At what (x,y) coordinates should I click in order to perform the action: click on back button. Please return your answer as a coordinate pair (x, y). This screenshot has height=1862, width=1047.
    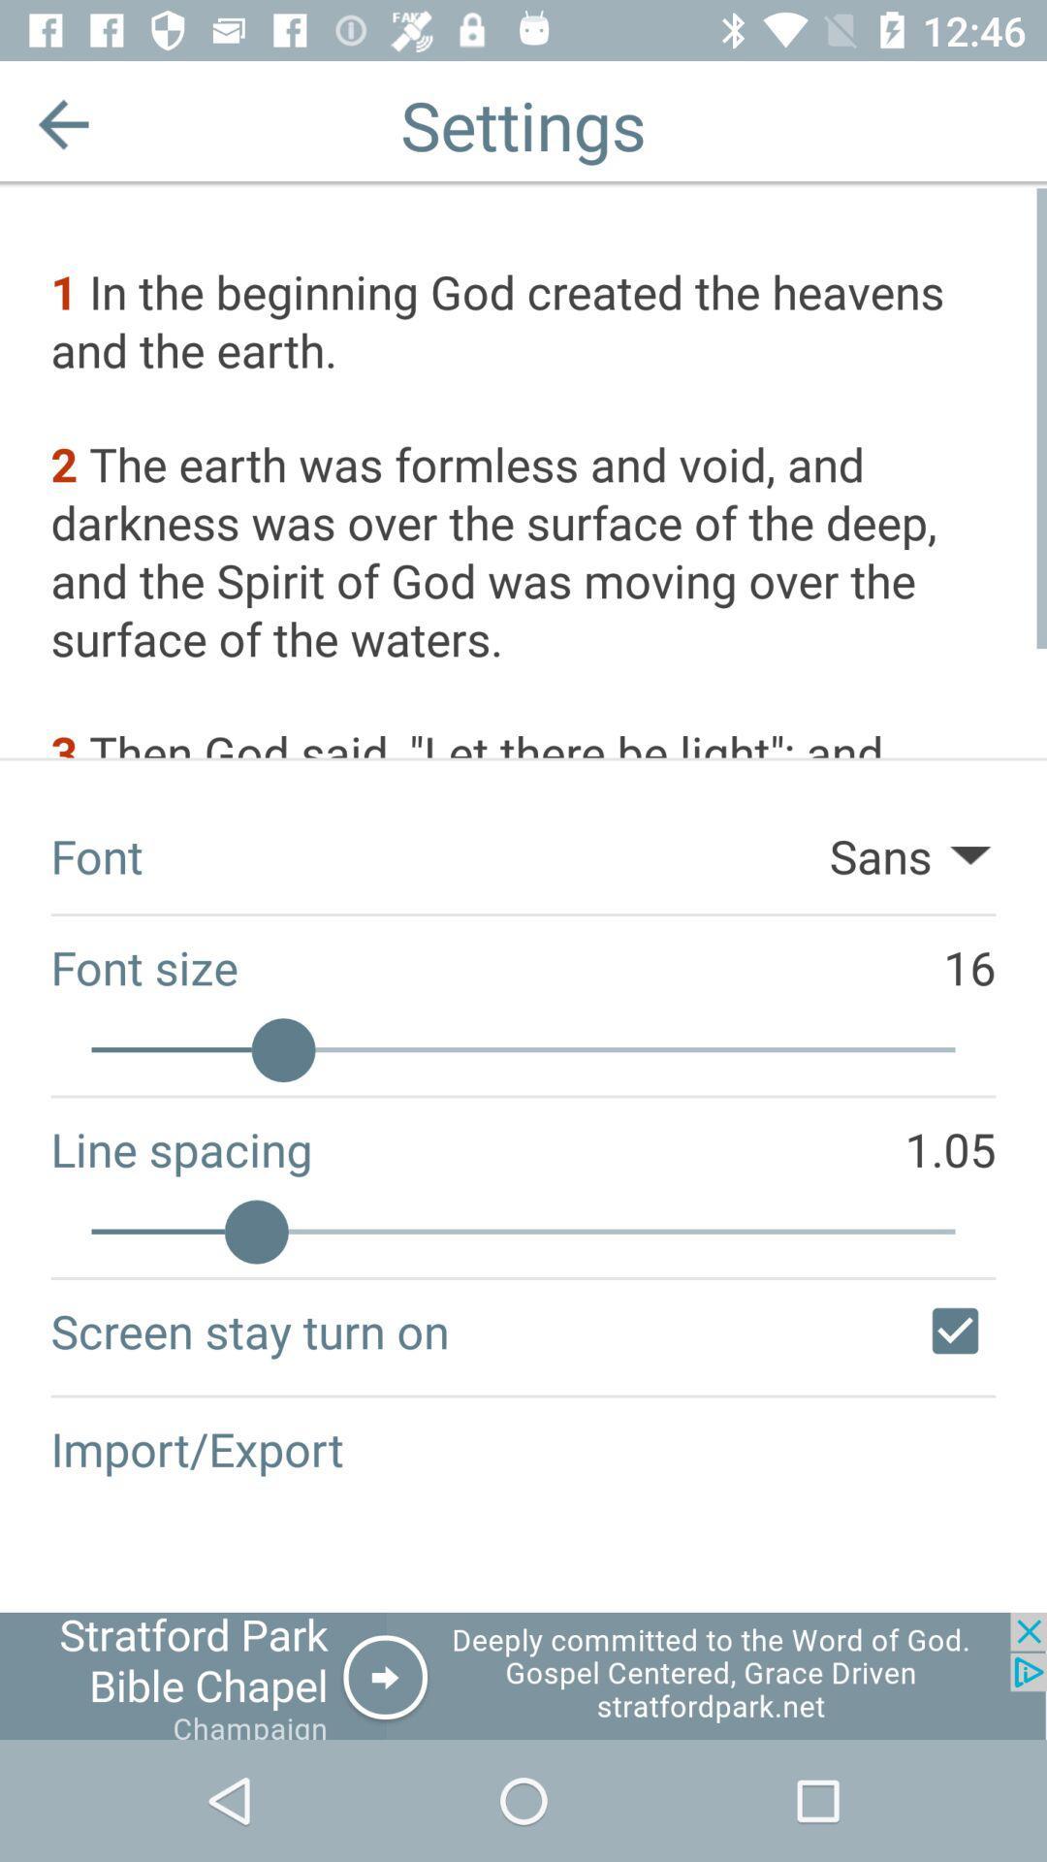
    Looking at the image, I should click on (62, 123).